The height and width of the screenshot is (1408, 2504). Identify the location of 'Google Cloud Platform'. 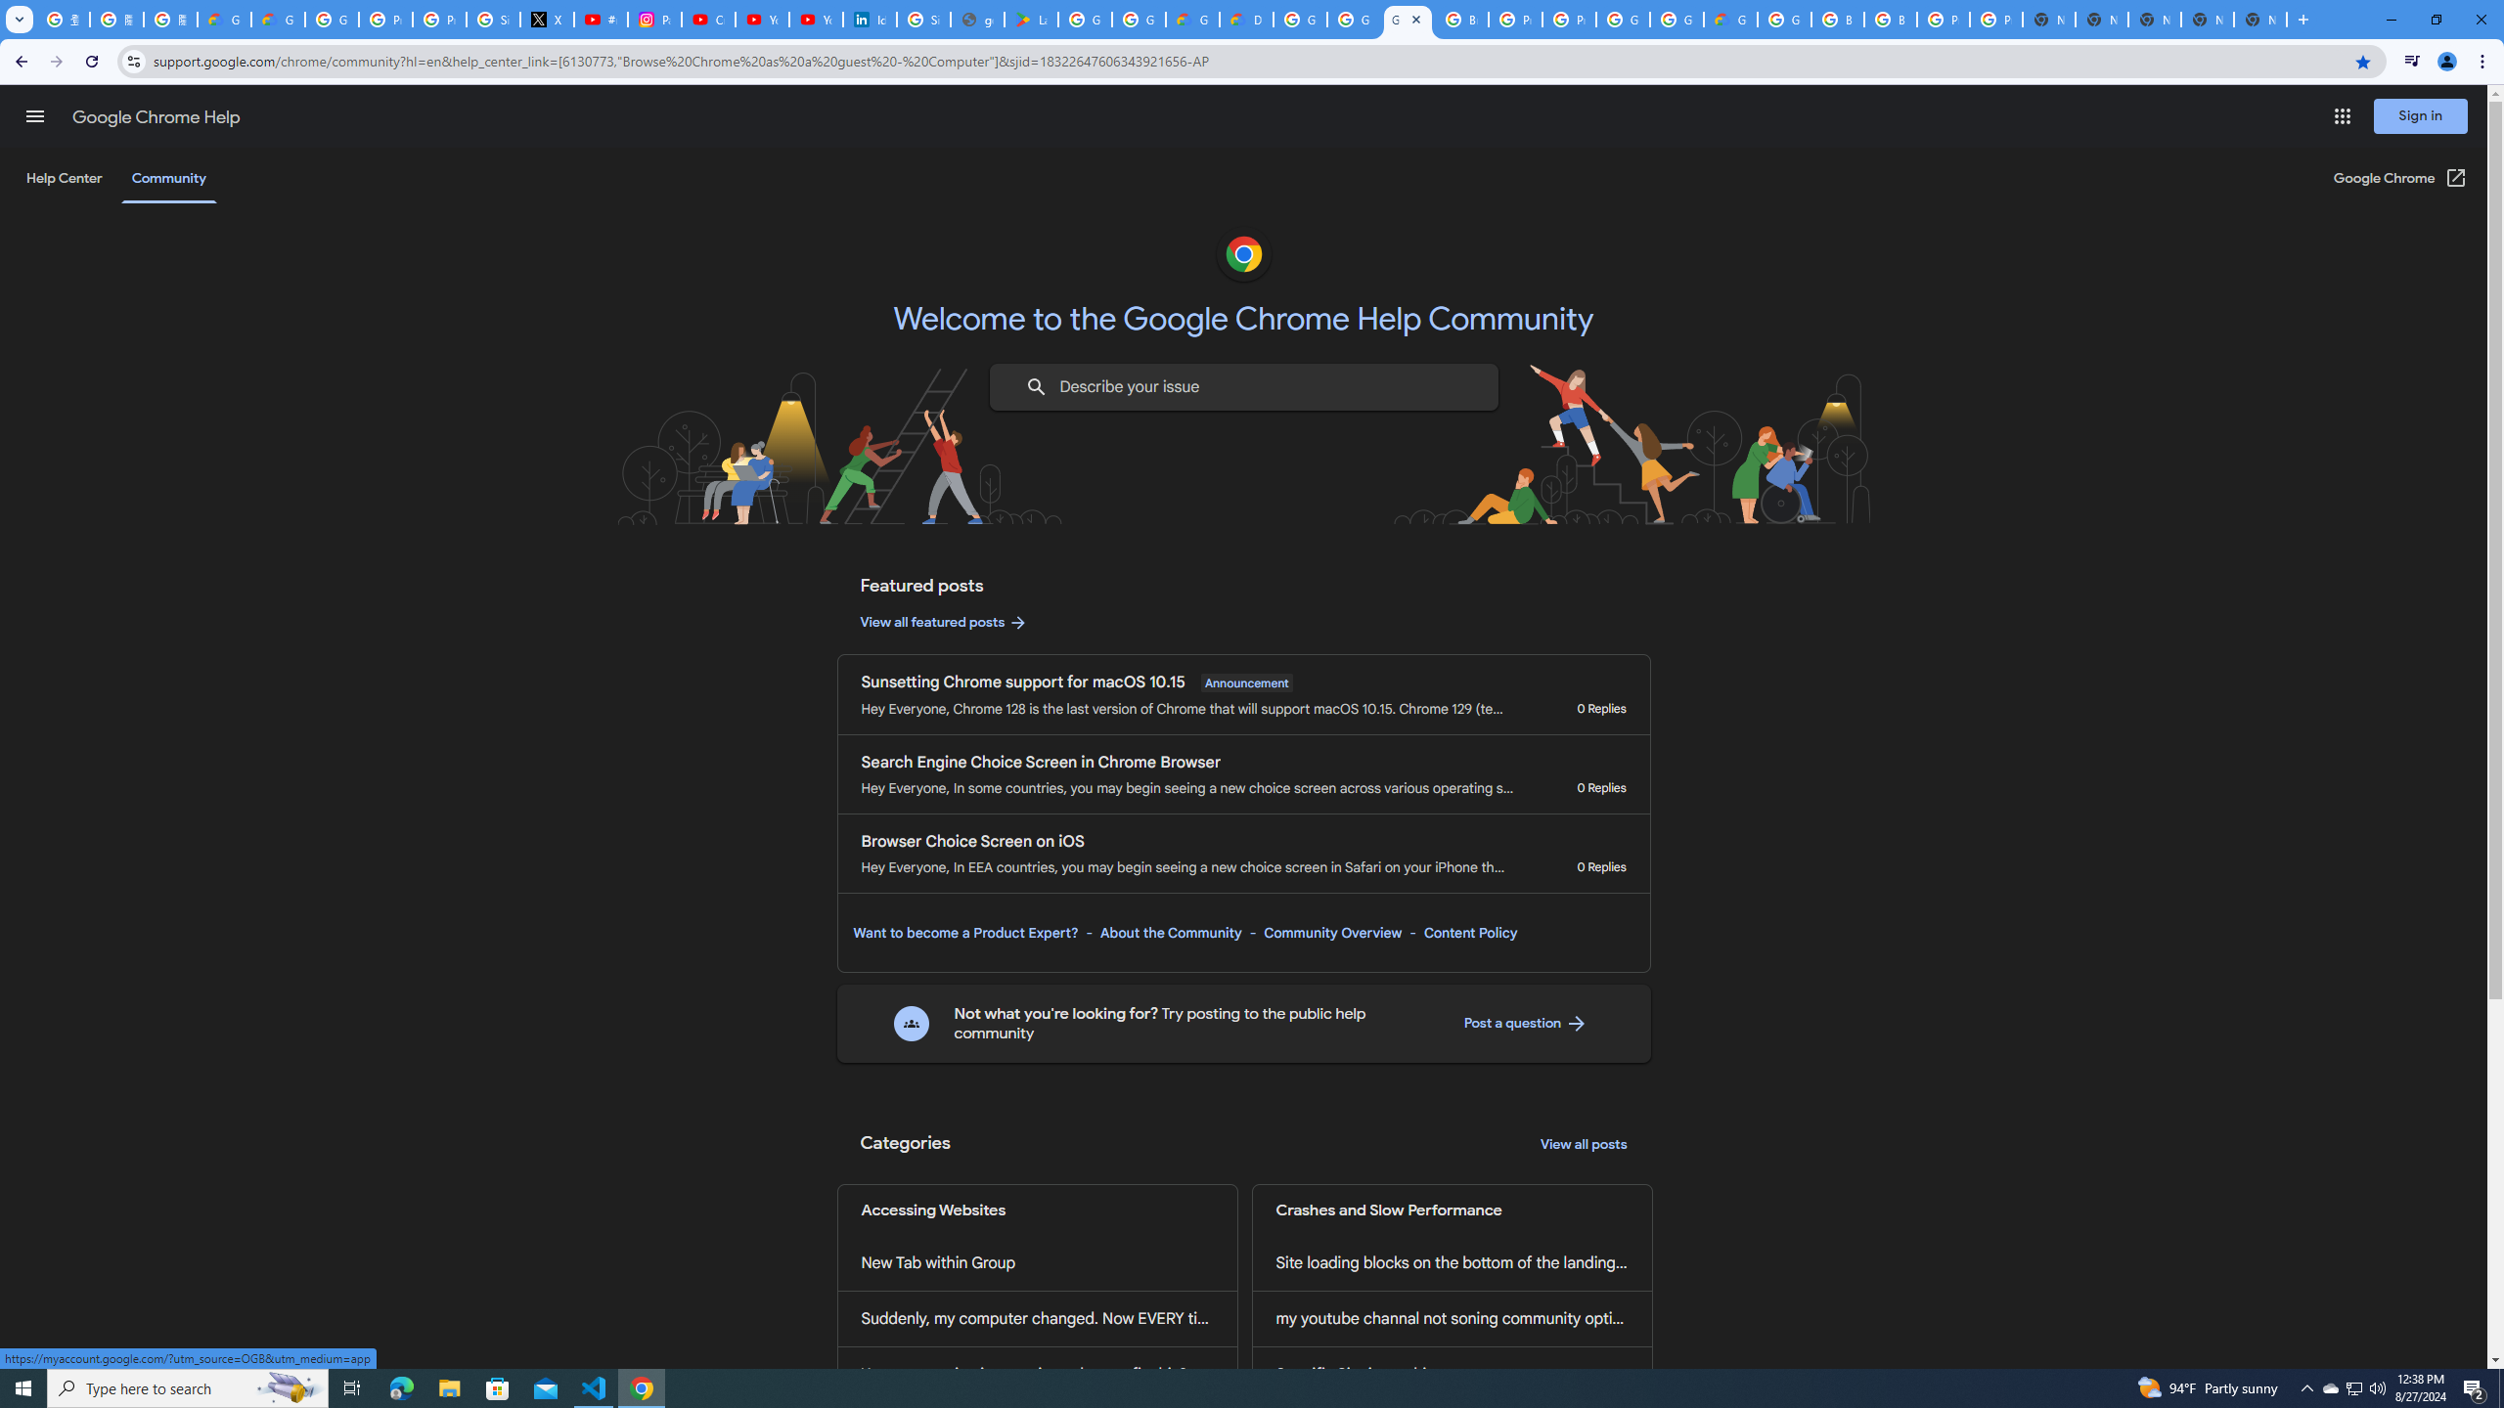
(1783, 19).